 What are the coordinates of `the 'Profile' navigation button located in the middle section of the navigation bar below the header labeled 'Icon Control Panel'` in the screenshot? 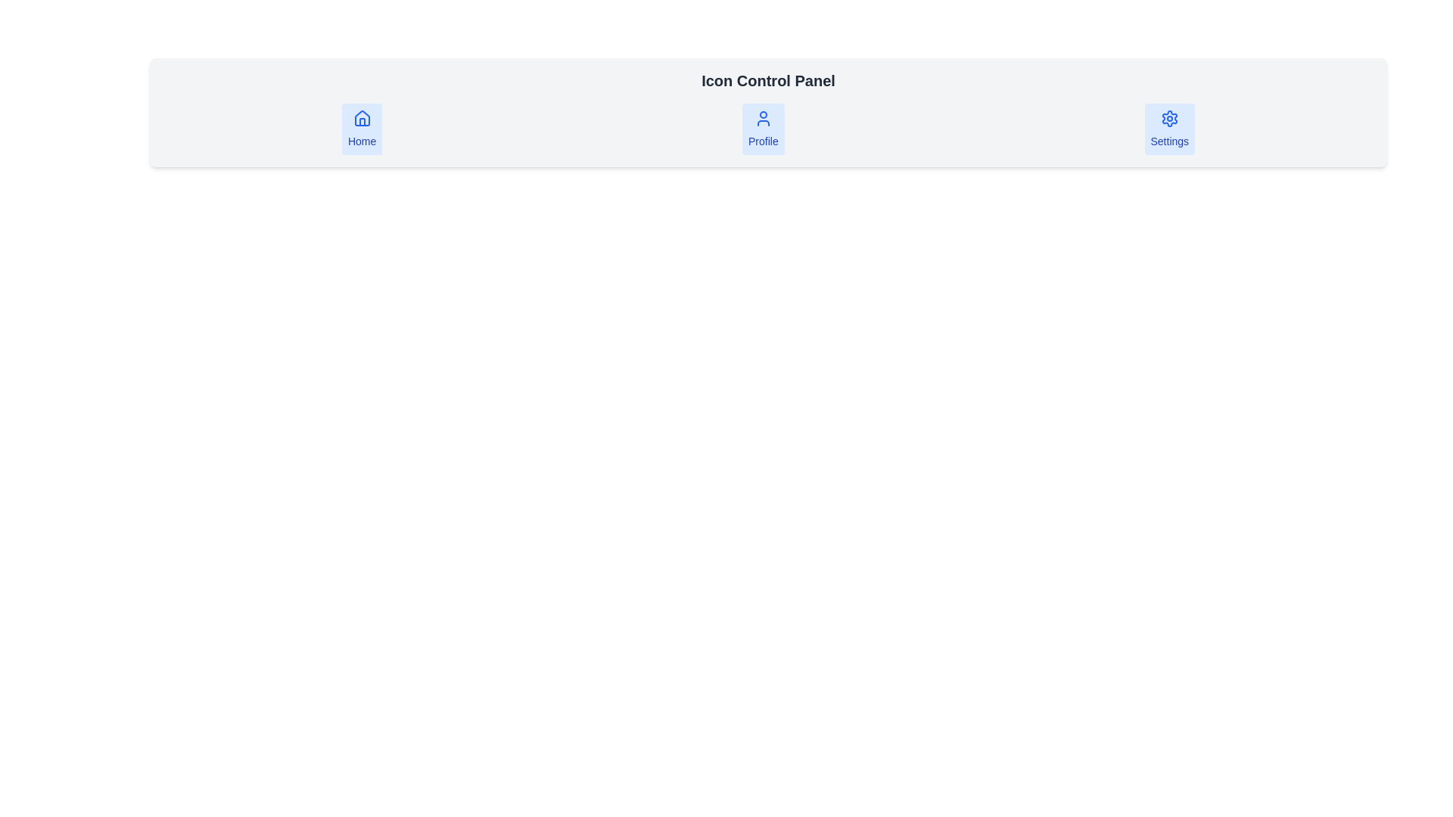 It's located at (768, 128).